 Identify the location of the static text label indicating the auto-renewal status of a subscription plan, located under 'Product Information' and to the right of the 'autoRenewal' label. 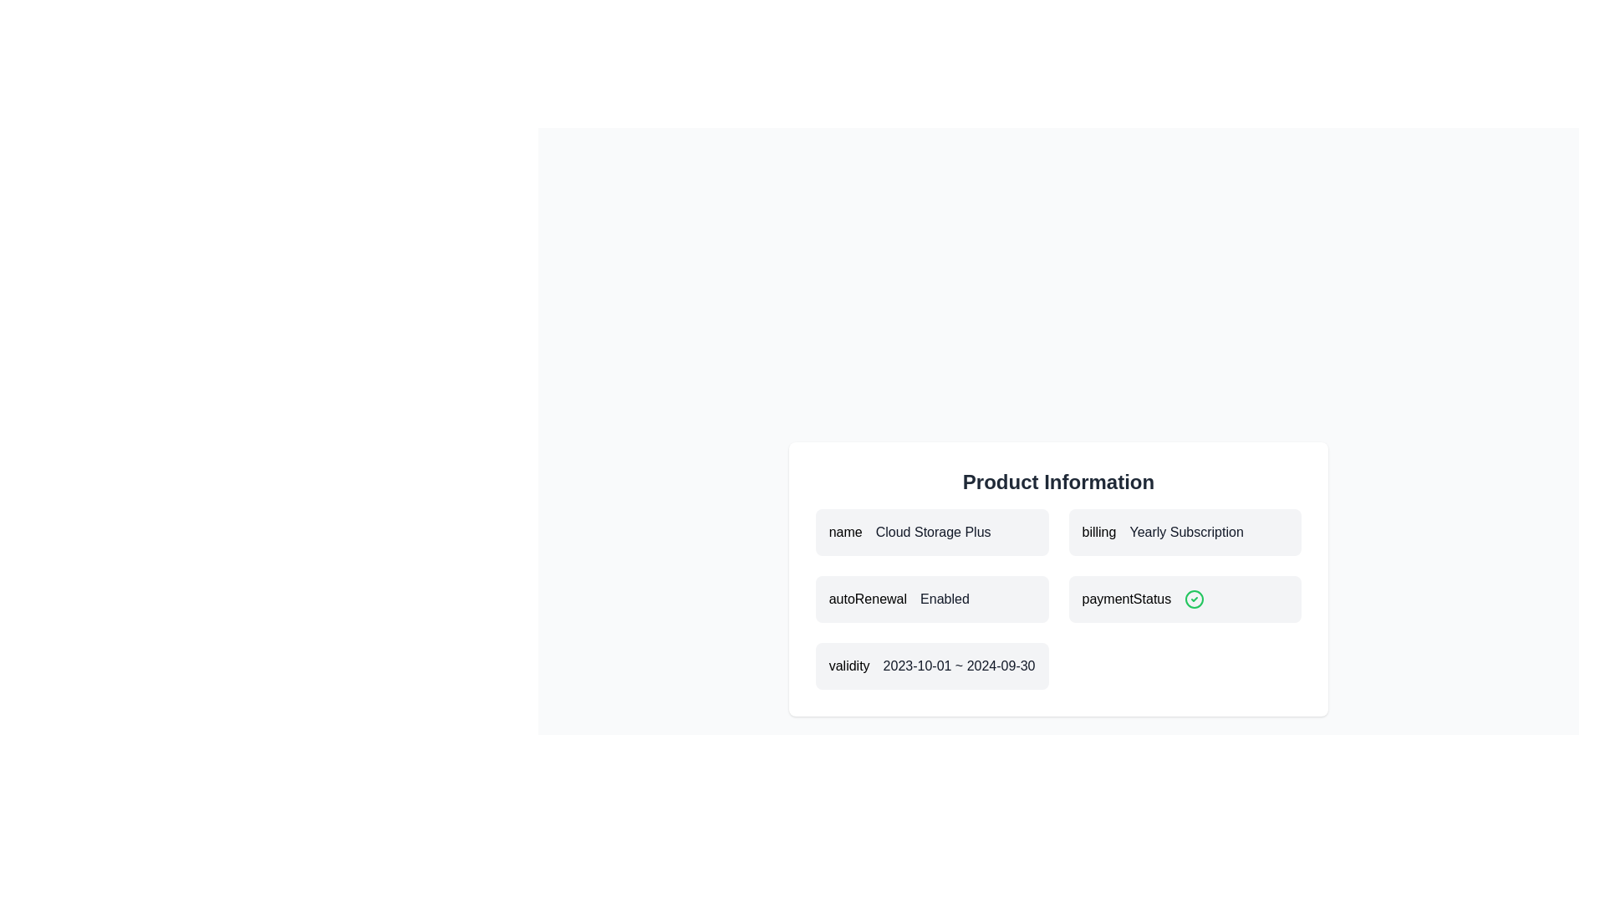
(945, 598).